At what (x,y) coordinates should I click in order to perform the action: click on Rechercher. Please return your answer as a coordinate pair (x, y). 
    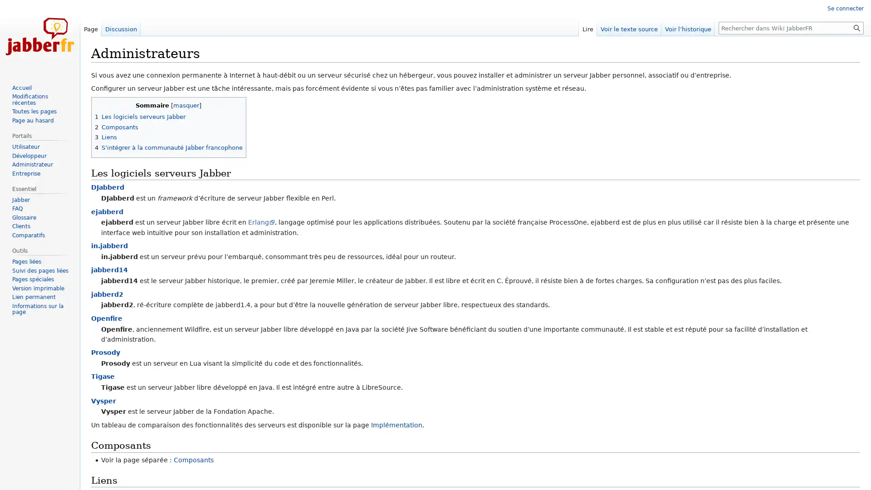
    Looking at the image, I should click on (856, 27).